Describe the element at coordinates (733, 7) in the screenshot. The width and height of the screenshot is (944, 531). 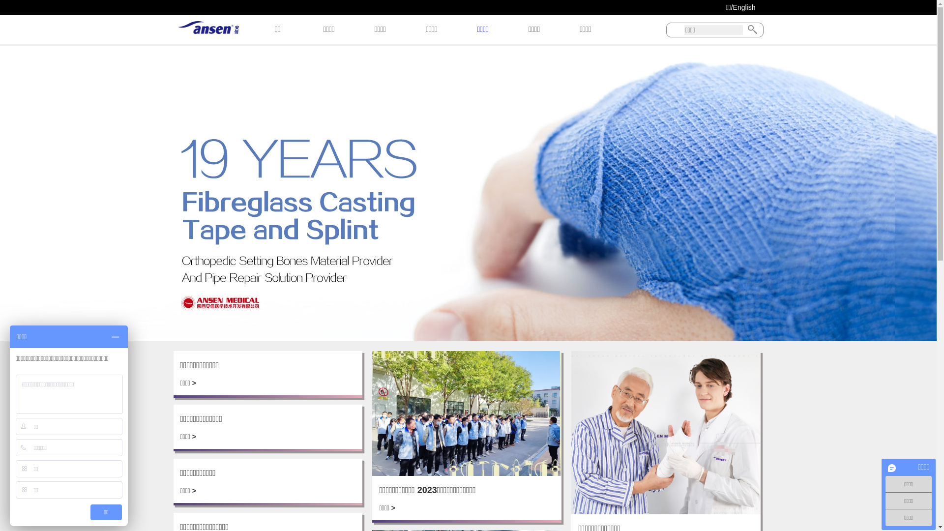
I see `'English'` at that location.